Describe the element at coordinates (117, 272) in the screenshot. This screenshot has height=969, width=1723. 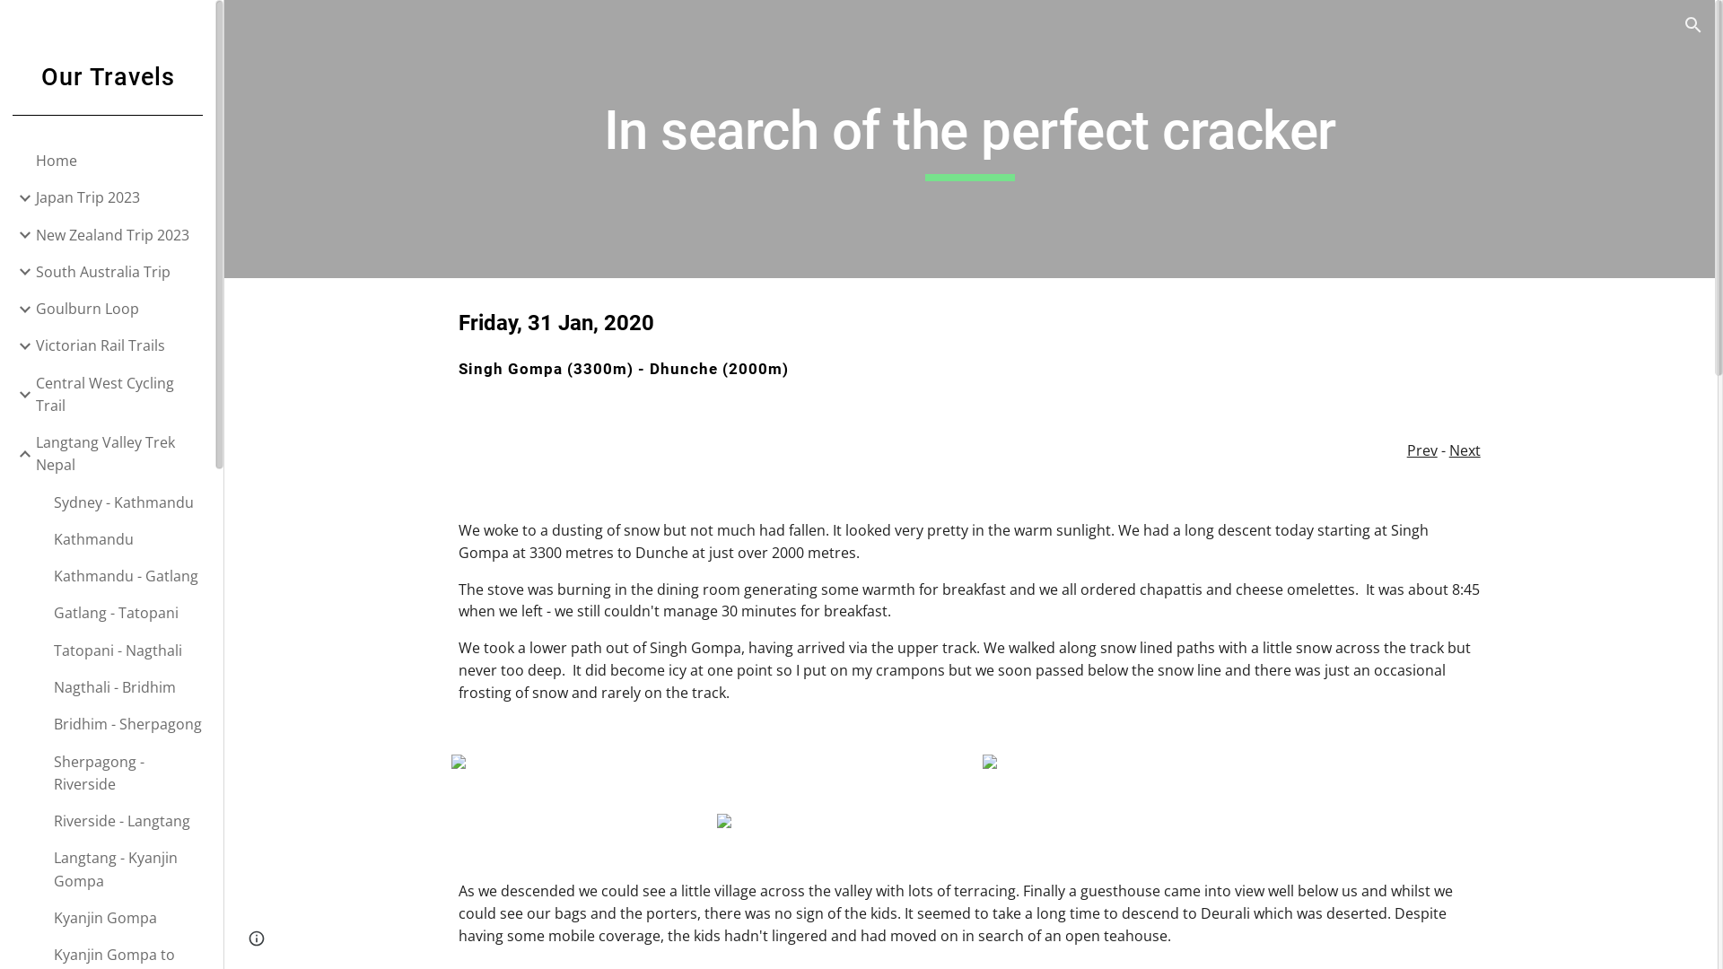
I see `'South Australia Trip'` at that location.